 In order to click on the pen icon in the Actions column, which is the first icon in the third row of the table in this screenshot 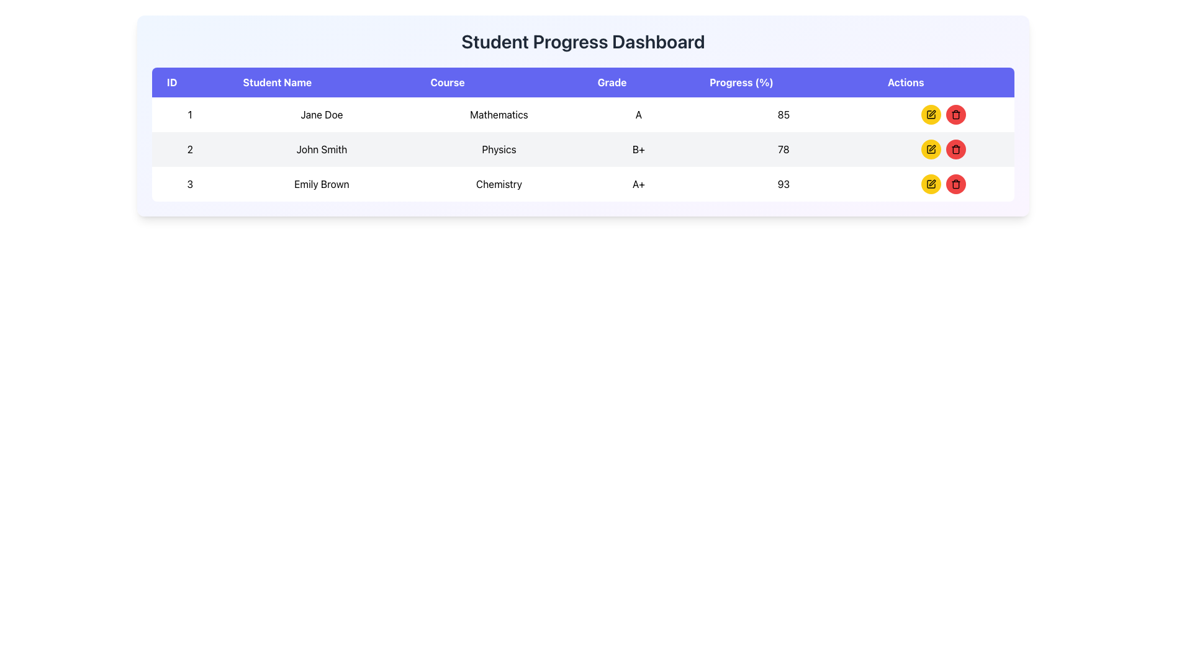, I will do `click(932, 182)`.